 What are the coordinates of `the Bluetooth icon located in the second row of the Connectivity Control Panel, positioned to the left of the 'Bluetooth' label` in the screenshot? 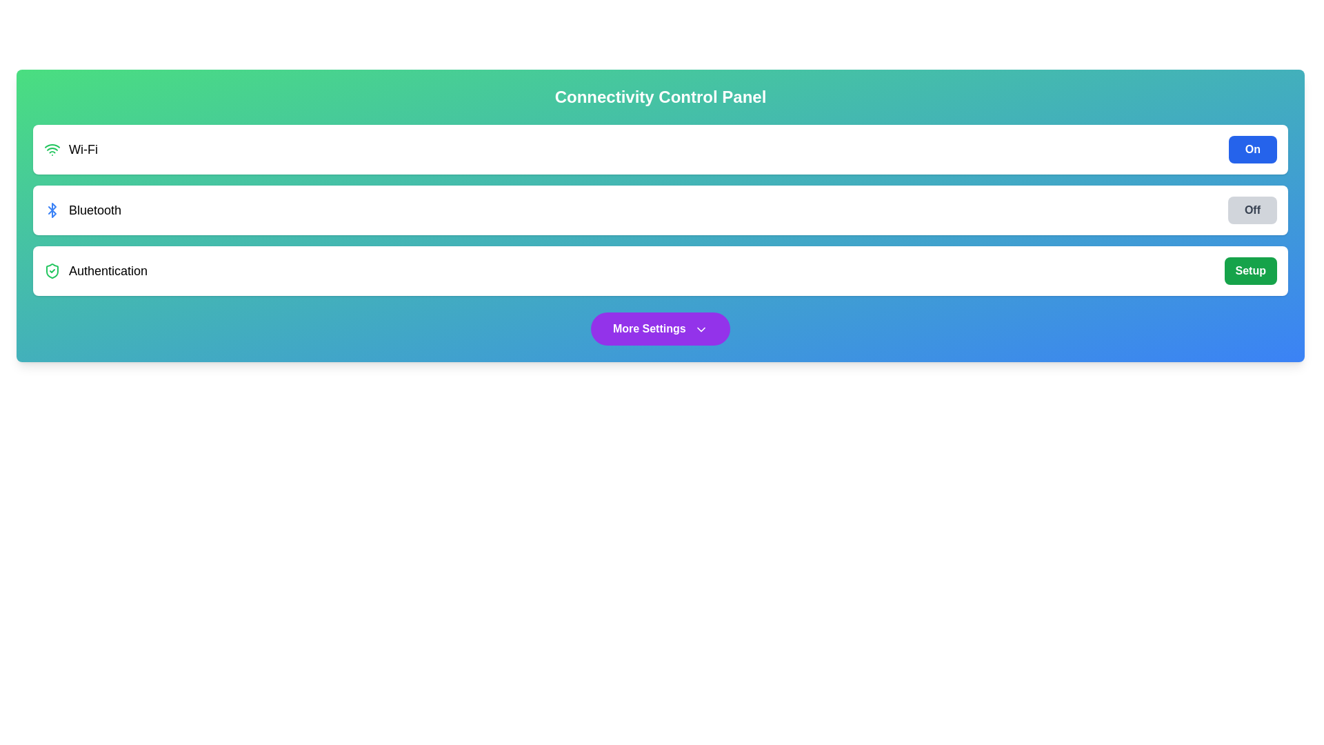 It's located at (52, 210).